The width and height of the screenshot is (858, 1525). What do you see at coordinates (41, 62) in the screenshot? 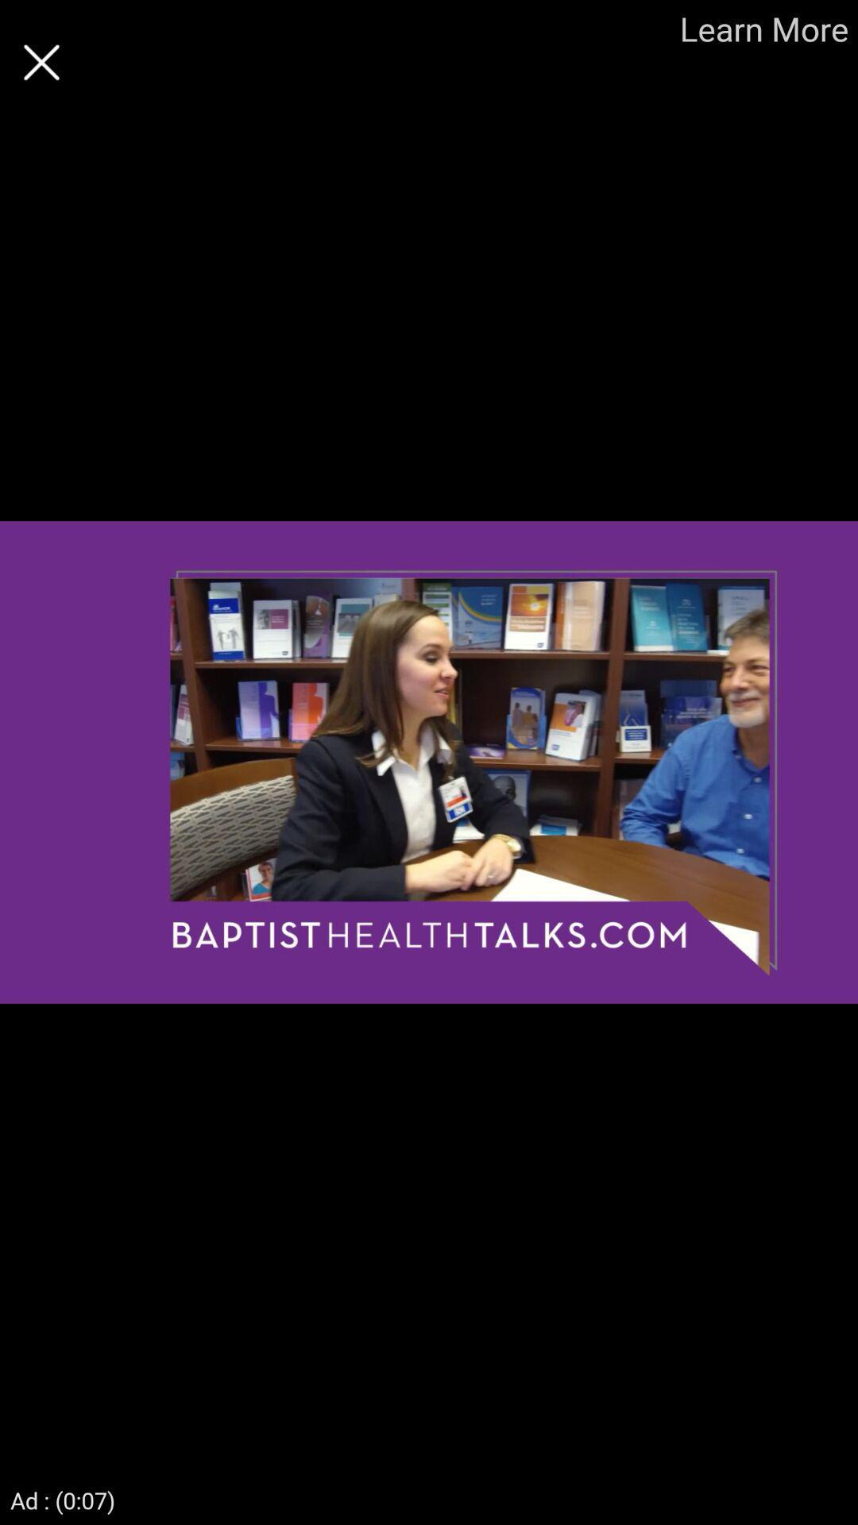
I see `the page` at bounding box center [41, 62].